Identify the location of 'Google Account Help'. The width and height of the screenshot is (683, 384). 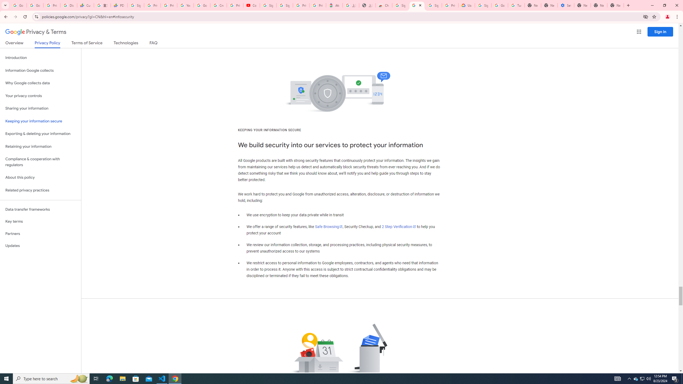
(201, 5).